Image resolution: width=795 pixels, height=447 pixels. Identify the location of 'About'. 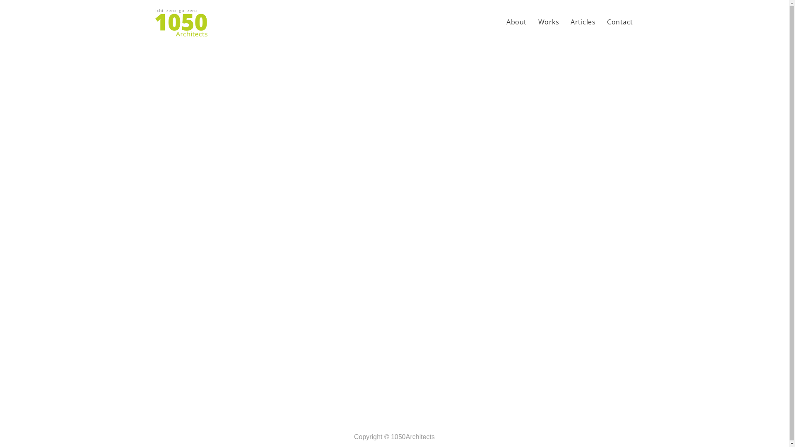
(516, 22).